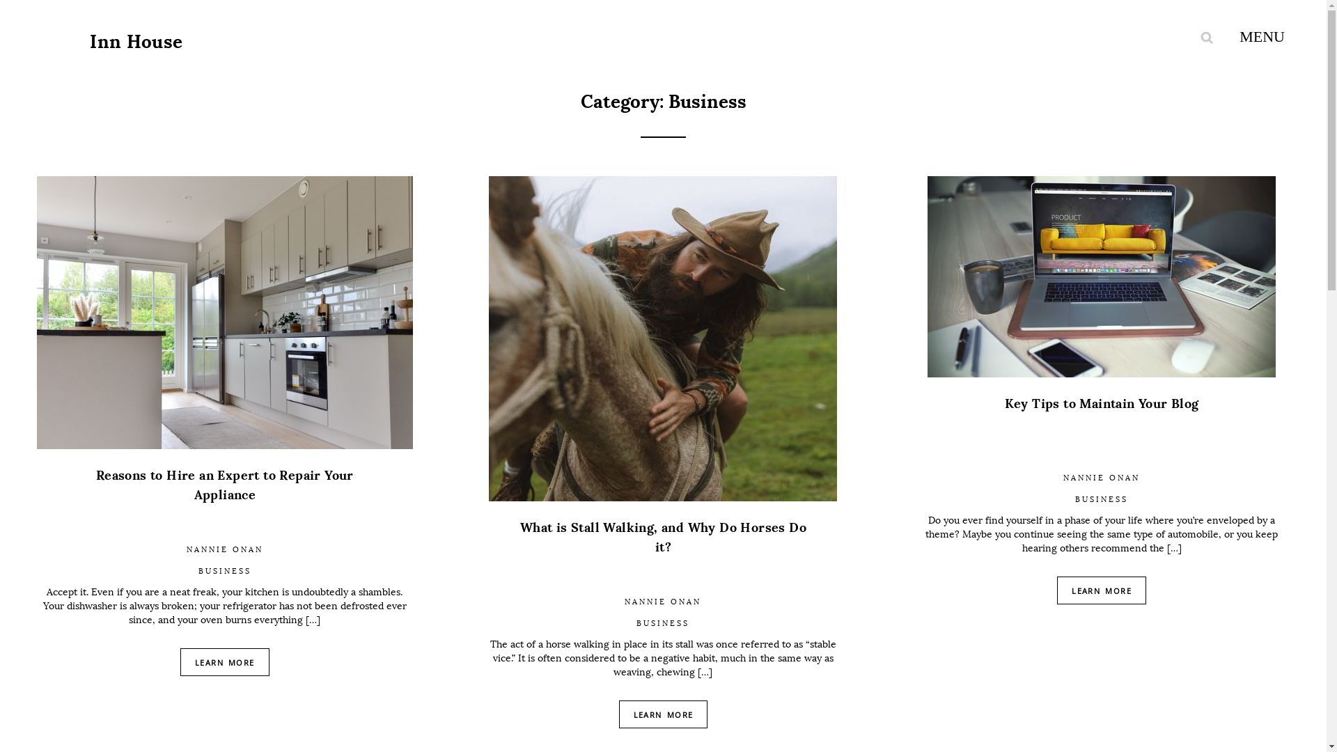 This screenshot has width=1337, height=752. I want to click on 'NANNIE ONAN', so click(224, 549).